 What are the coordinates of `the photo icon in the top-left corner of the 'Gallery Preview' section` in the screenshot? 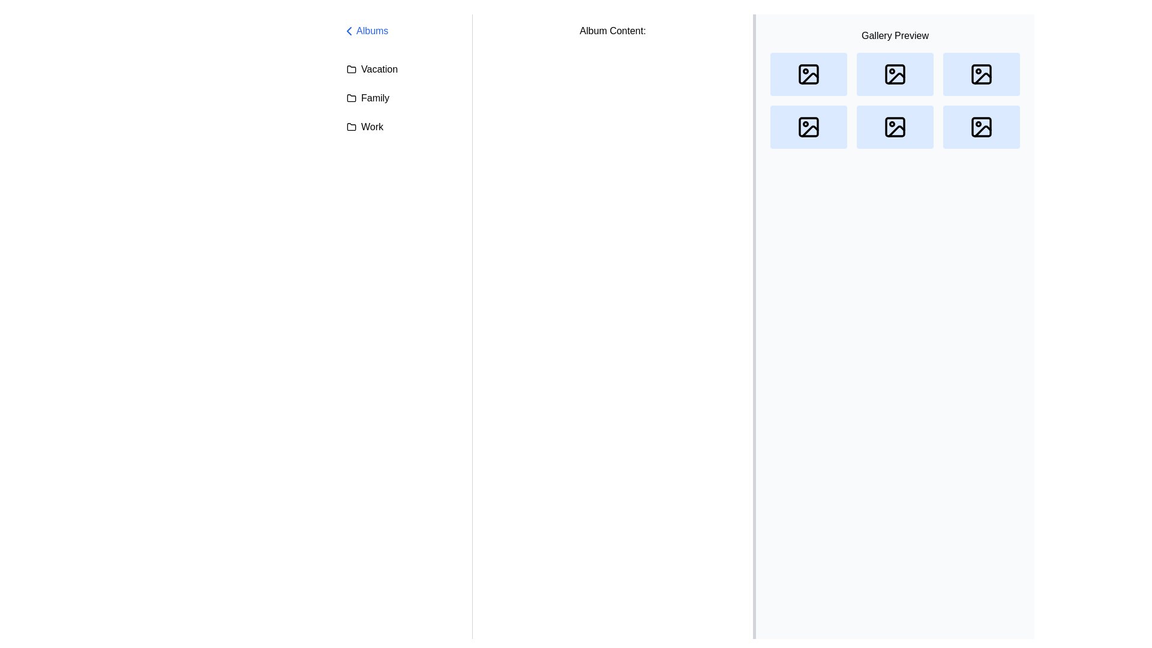 It's located at (809, 74).